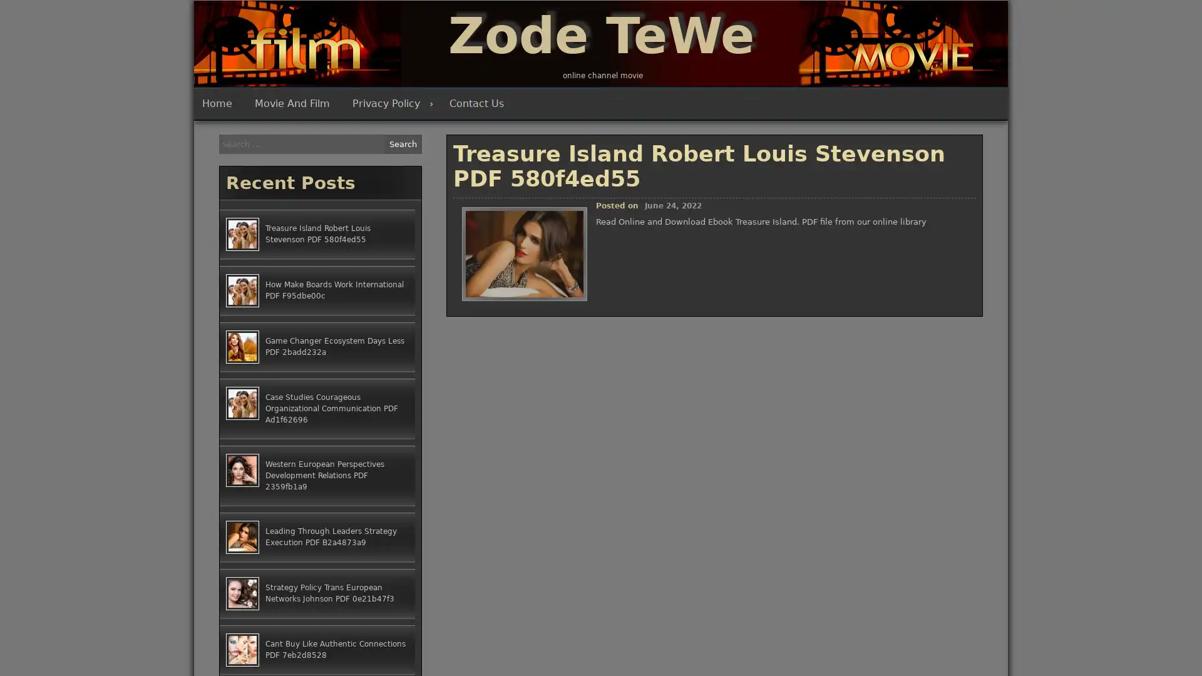 Image resolution: width=1202 pixels, height=676 pixels. I want to click on Search, so click(403, 143).